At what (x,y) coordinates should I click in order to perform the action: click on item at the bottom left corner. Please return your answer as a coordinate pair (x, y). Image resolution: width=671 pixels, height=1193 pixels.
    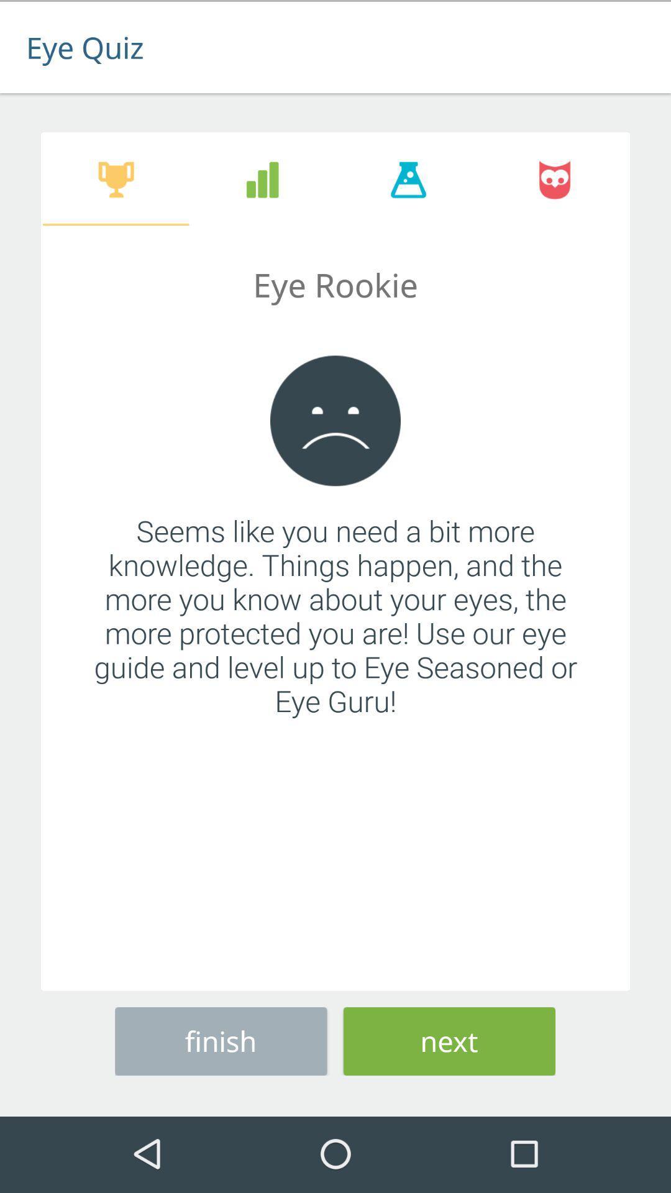
    Looking at the image, I should click on (220, 1039).